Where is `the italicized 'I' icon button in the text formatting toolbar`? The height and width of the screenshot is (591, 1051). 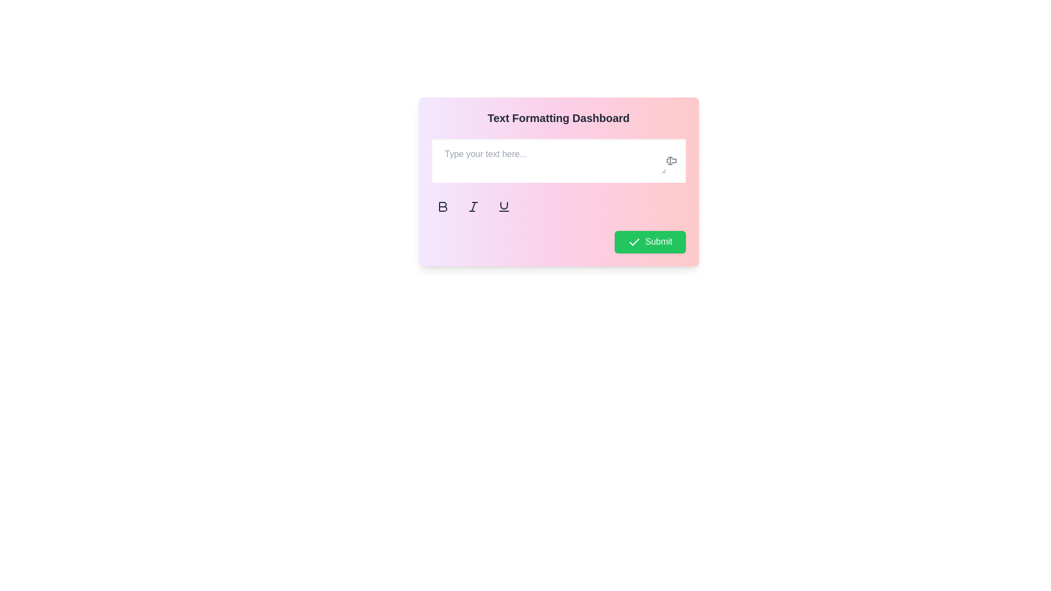
the italicized 'I' icon button in the text formatting toolbar is located at coordinates (473, 207).